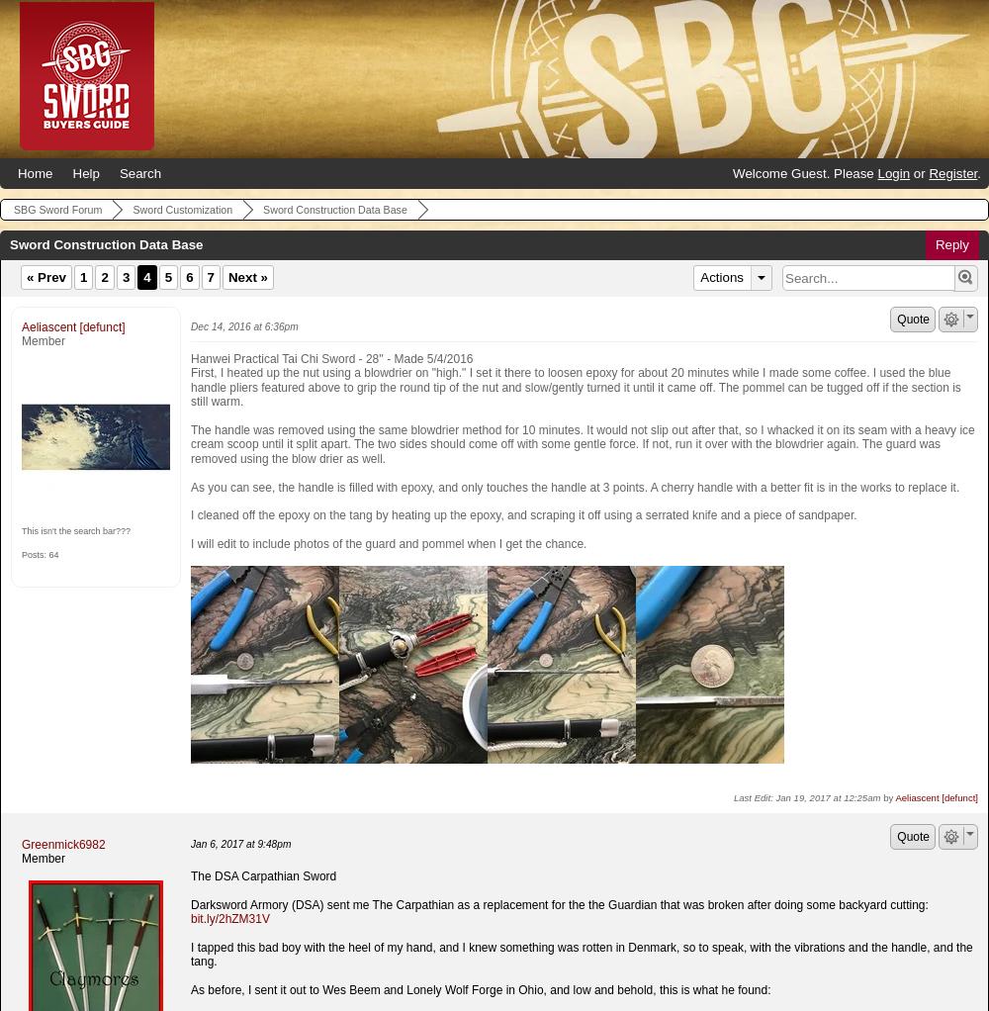  What do you see at coordinates (146, 277) in the screenshot?
I see `'4'` at bounding box center [146, 277].